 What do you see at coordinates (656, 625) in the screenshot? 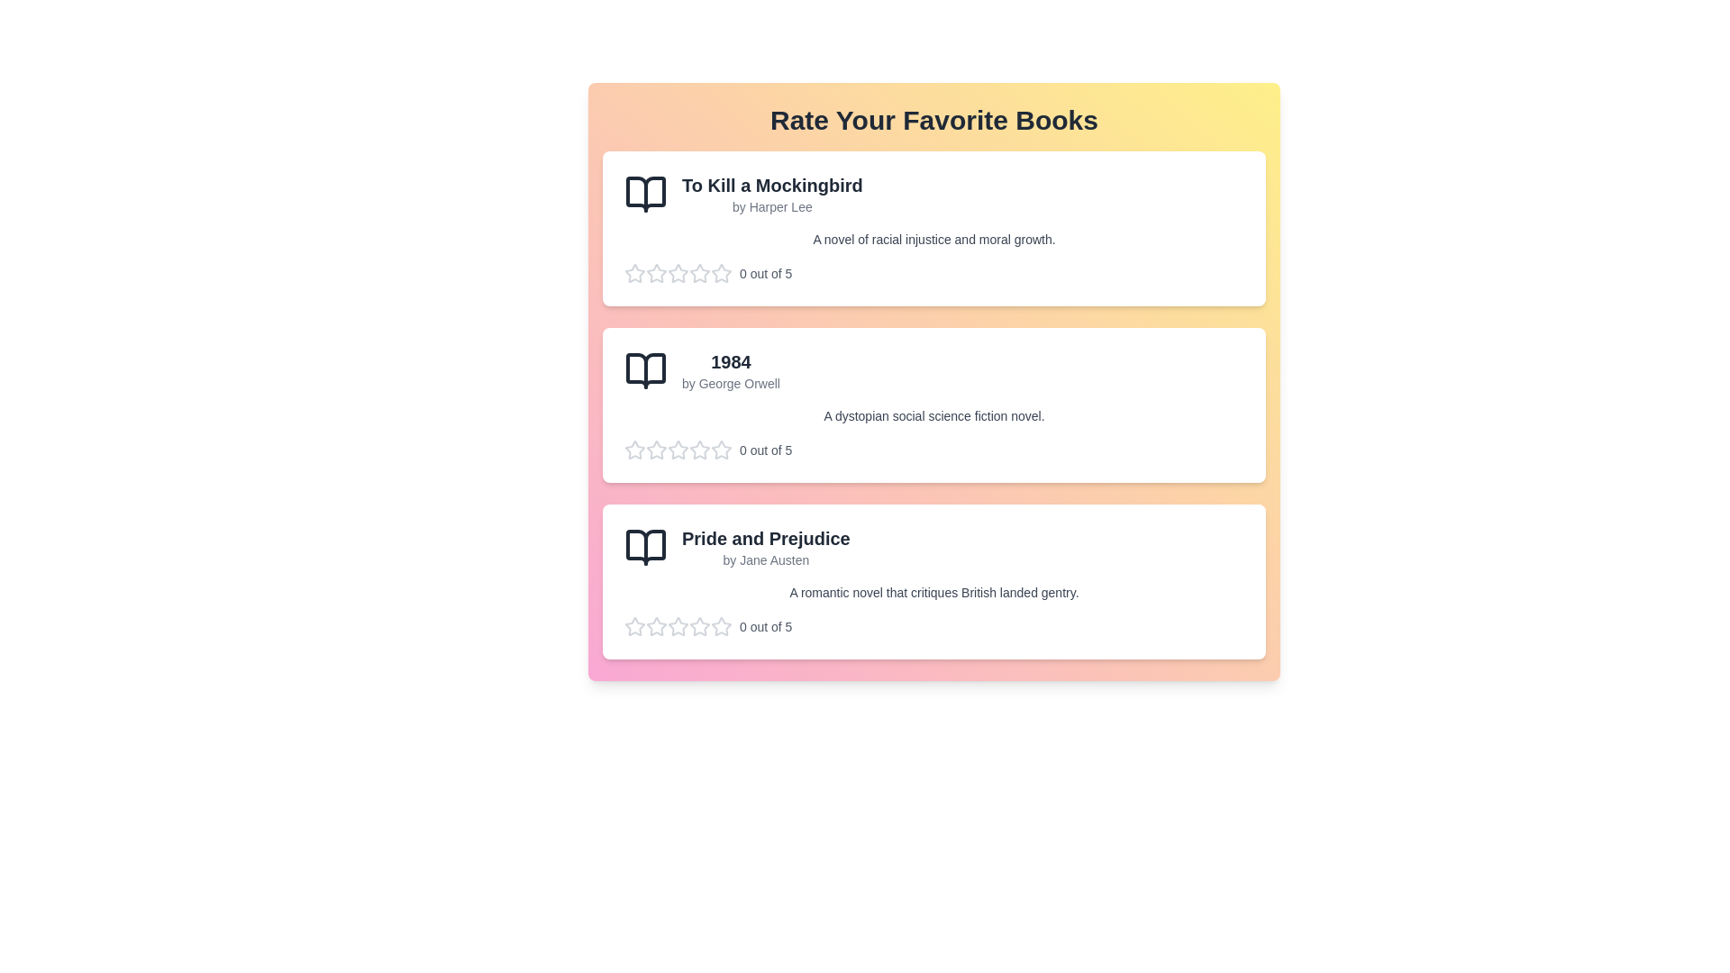
I see `the first hollow star icon in the rating section under the 'Pride and Prejudice' book to rate it` at bounding box center [656, 625].